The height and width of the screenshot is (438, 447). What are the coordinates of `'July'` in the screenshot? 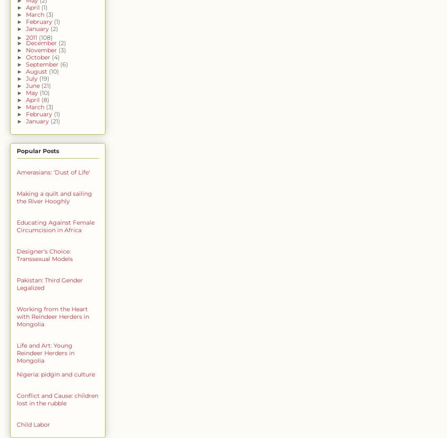 It's located at (32, 79).